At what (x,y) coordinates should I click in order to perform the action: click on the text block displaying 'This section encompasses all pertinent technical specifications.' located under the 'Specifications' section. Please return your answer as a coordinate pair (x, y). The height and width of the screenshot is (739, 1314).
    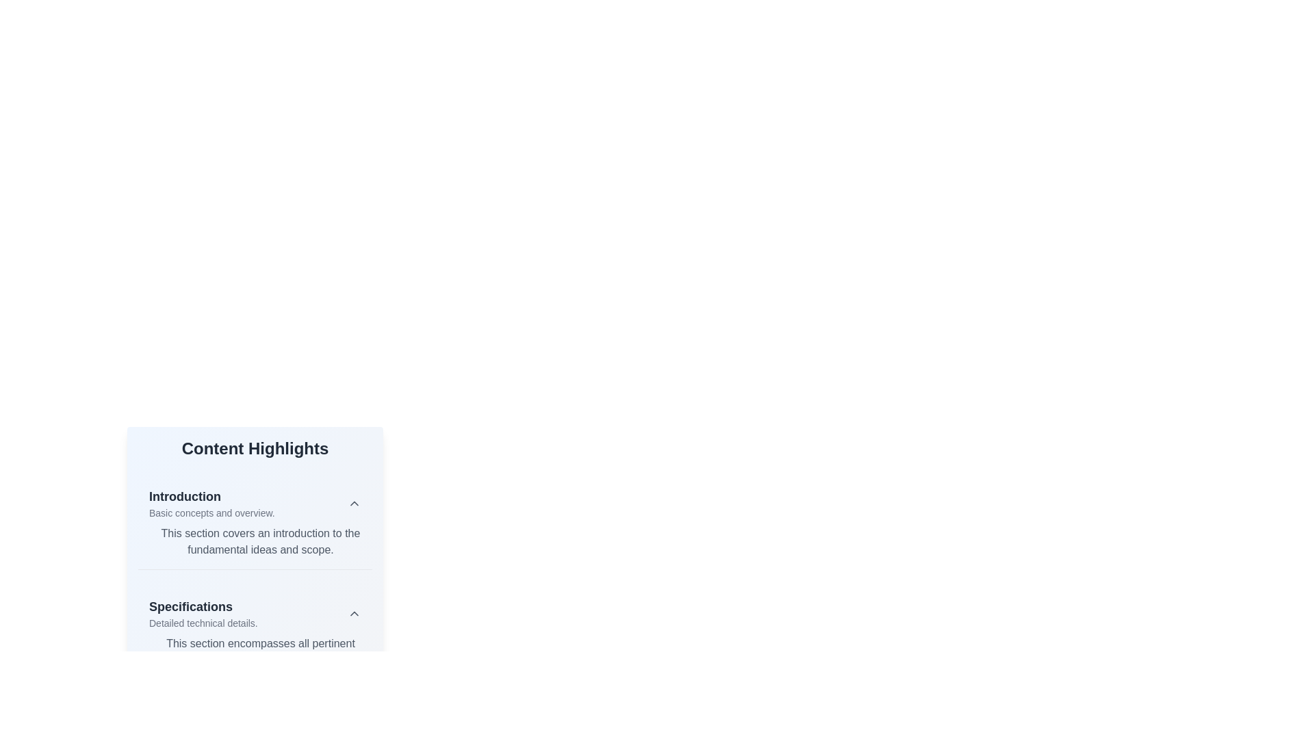
    Looking at the image, I should click on (255, 651).